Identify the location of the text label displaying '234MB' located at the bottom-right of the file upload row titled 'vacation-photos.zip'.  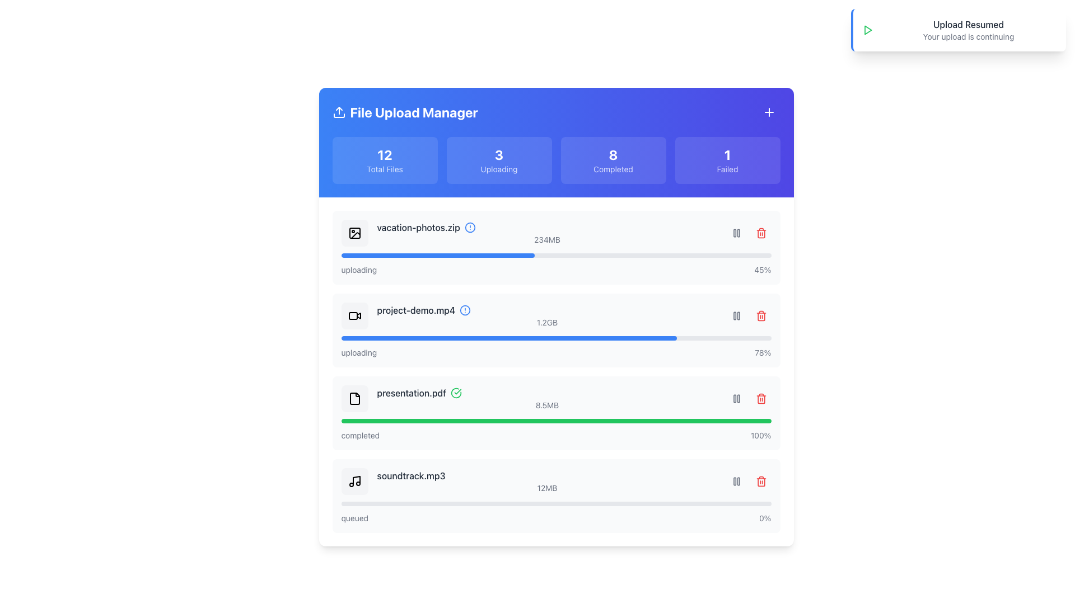
(547, 239).